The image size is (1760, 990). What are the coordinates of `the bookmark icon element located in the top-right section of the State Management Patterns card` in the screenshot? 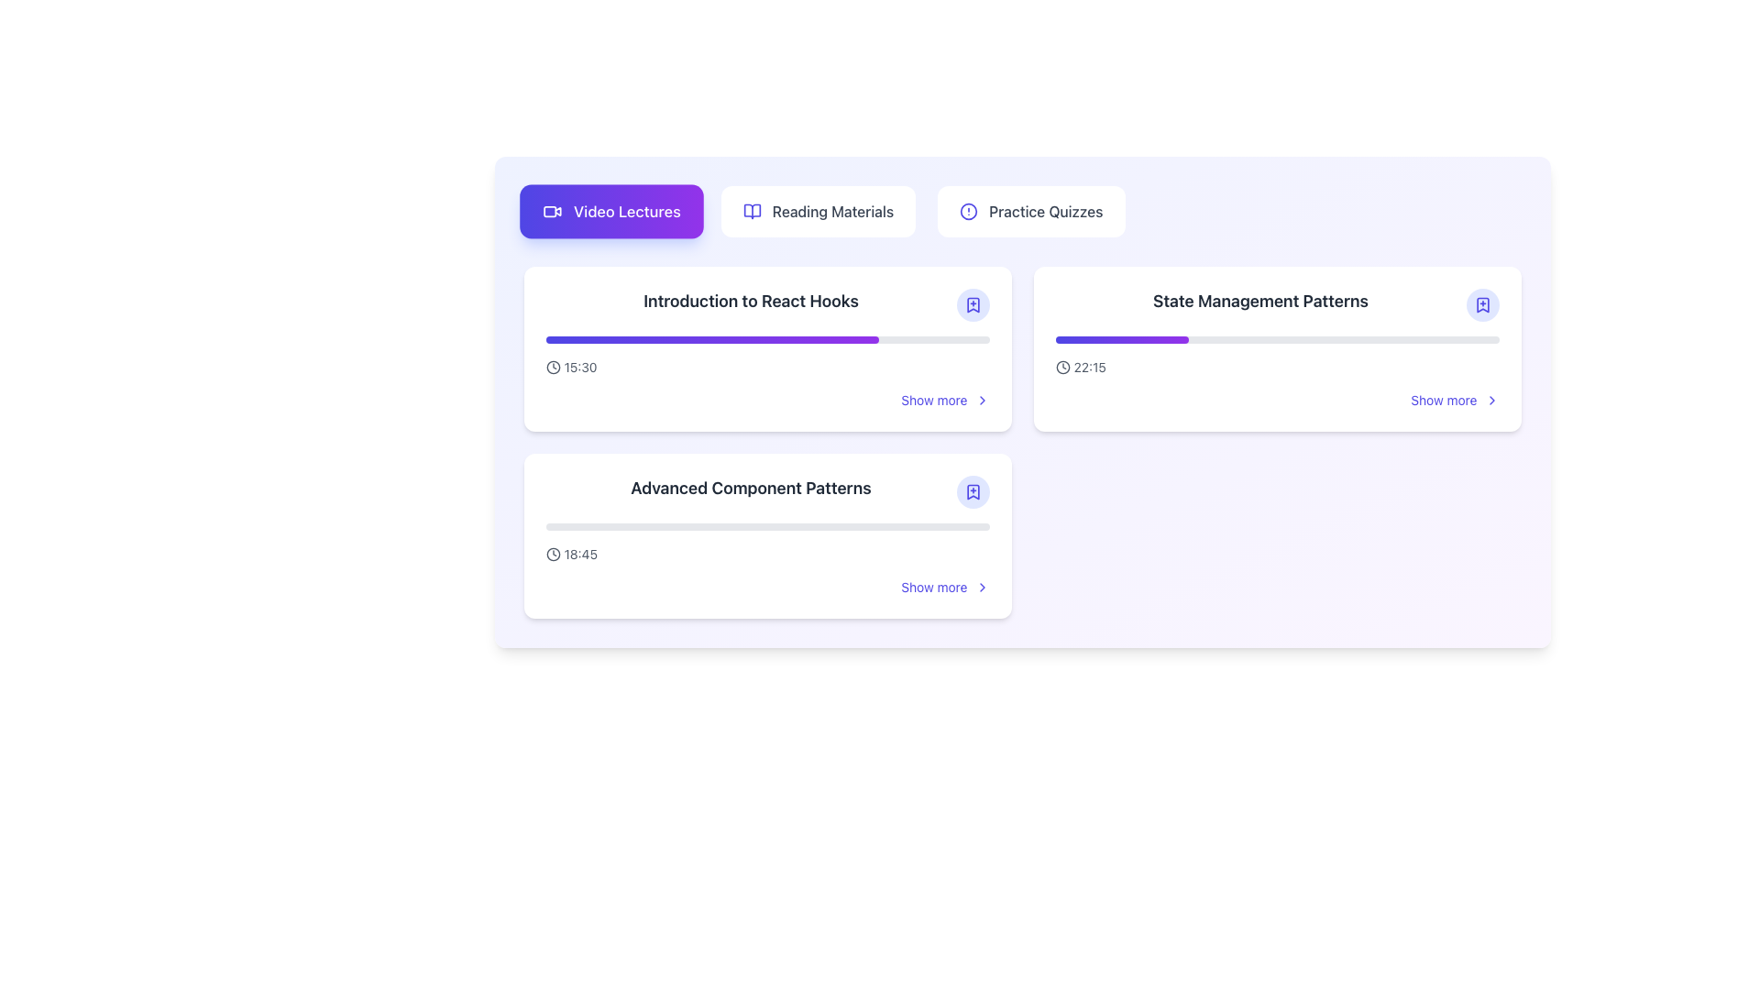 It's located at (1482, 303).